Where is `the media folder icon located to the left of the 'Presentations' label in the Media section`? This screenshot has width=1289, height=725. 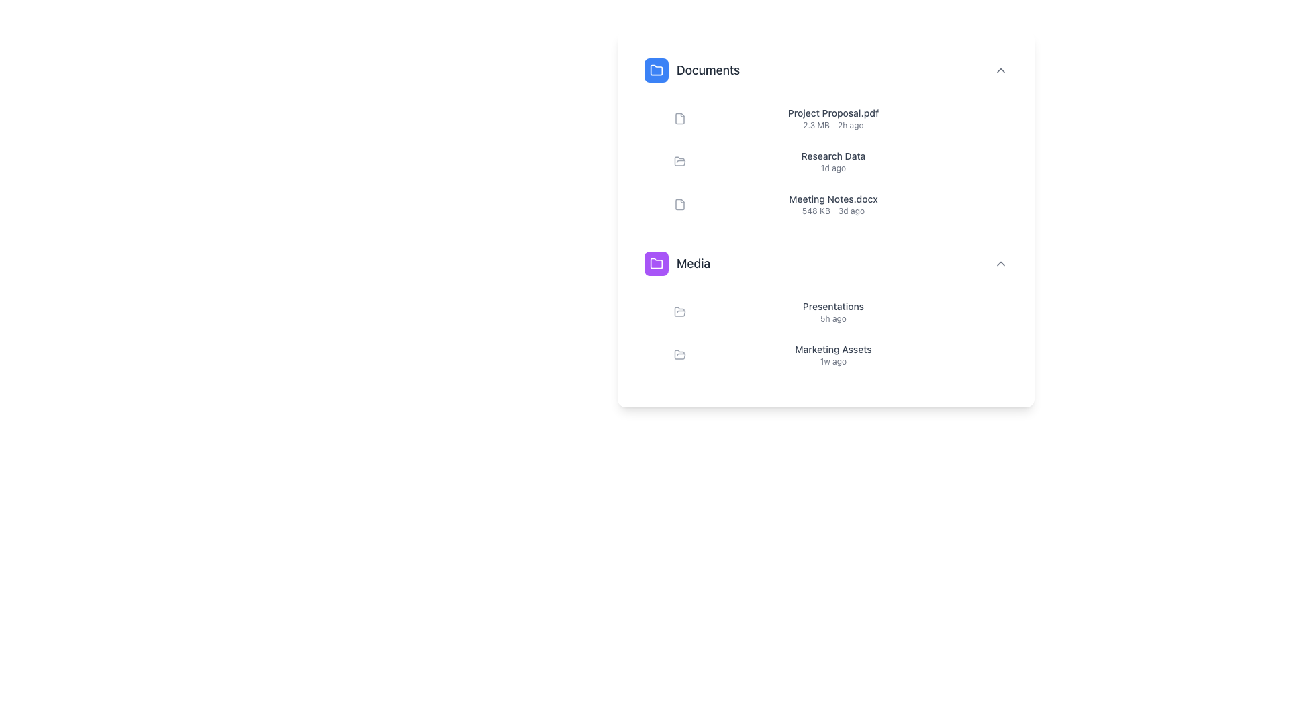
the media folder icon located to the left of the 'Presentations' label in the Media section is located at coordinates (679, 311).